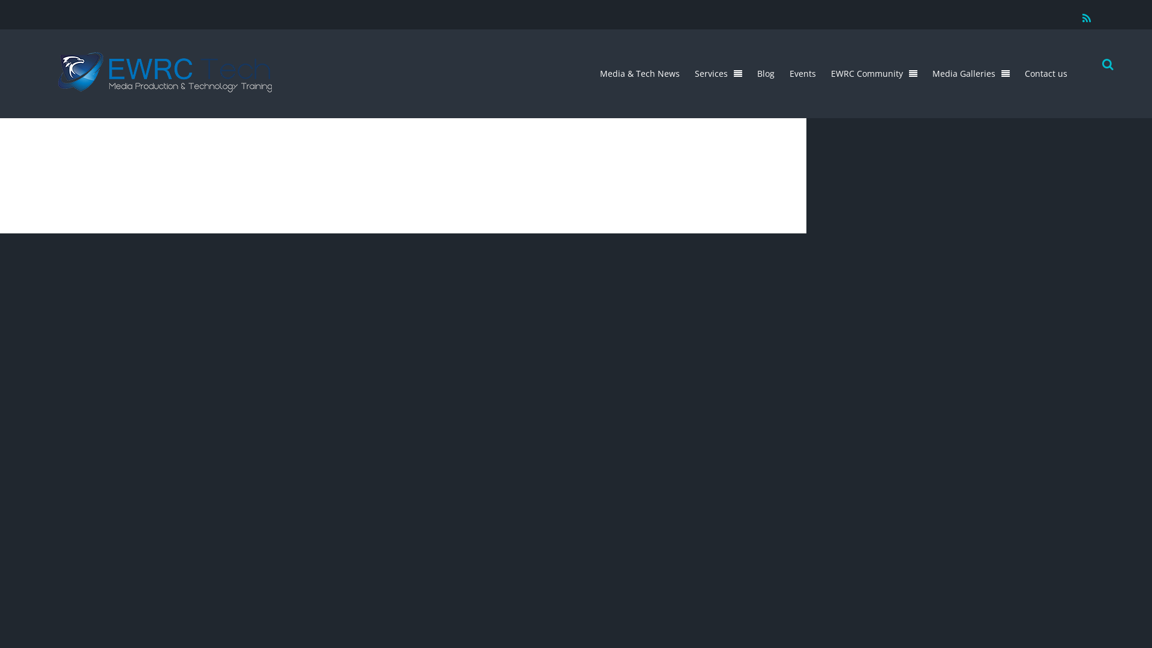 Image resolution: width=1152 pixels, height=648 pixels. Describe the element at coordinates (824, 73) in the screenshot. I see `'EWRC Community'` at that location.